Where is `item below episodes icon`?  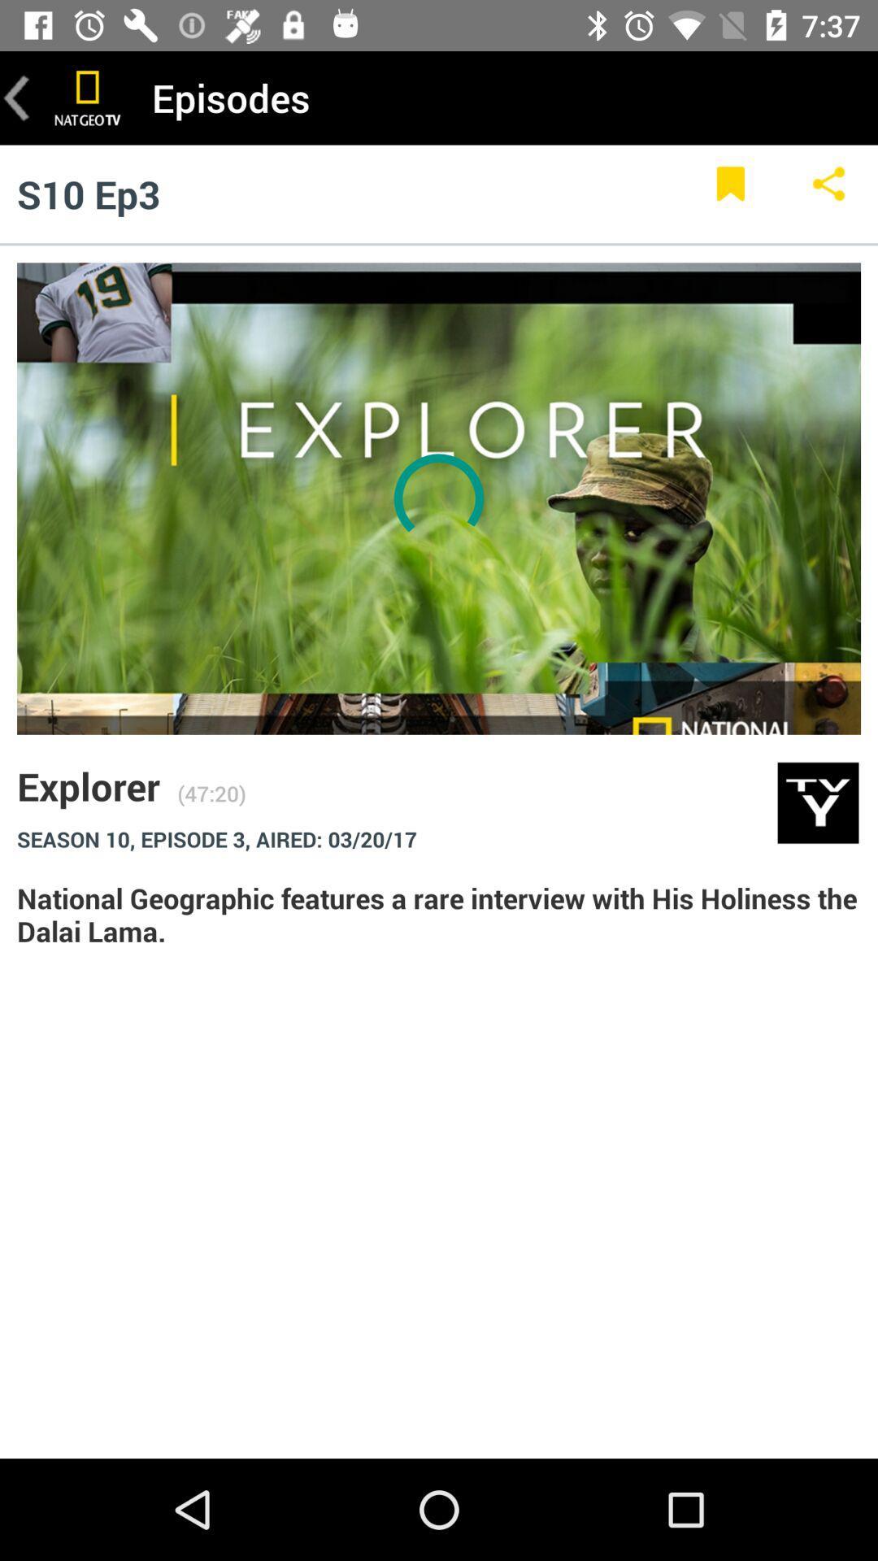
item below episodes icon is located at coordinates (828, 193).